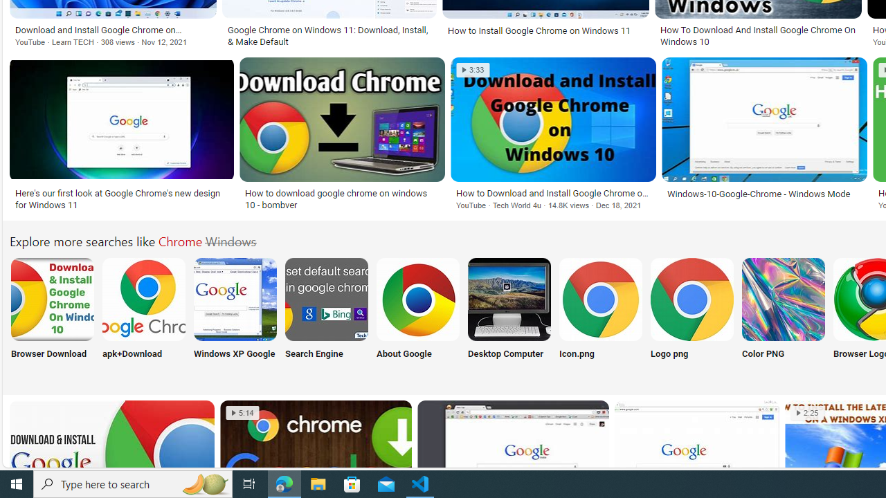  What do you see at coordinates (509, 298) in the screenshot?
I see `'Chrome Desktop Computer'` at bounding box center [509, 298].